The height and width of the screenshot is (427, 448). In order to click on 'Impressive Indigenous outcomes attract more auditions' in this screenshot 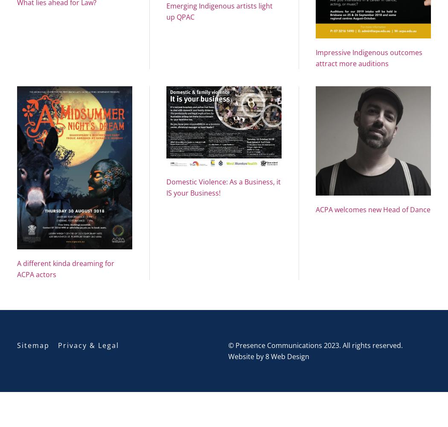, I will do `click(368, 58)`.